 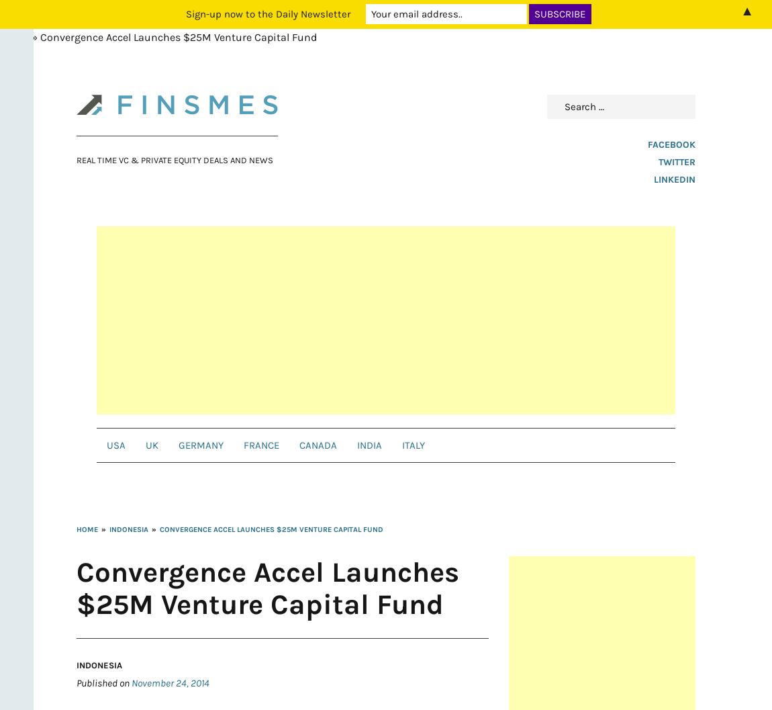 I want to click on 'UK', so click(x=151, y=445).